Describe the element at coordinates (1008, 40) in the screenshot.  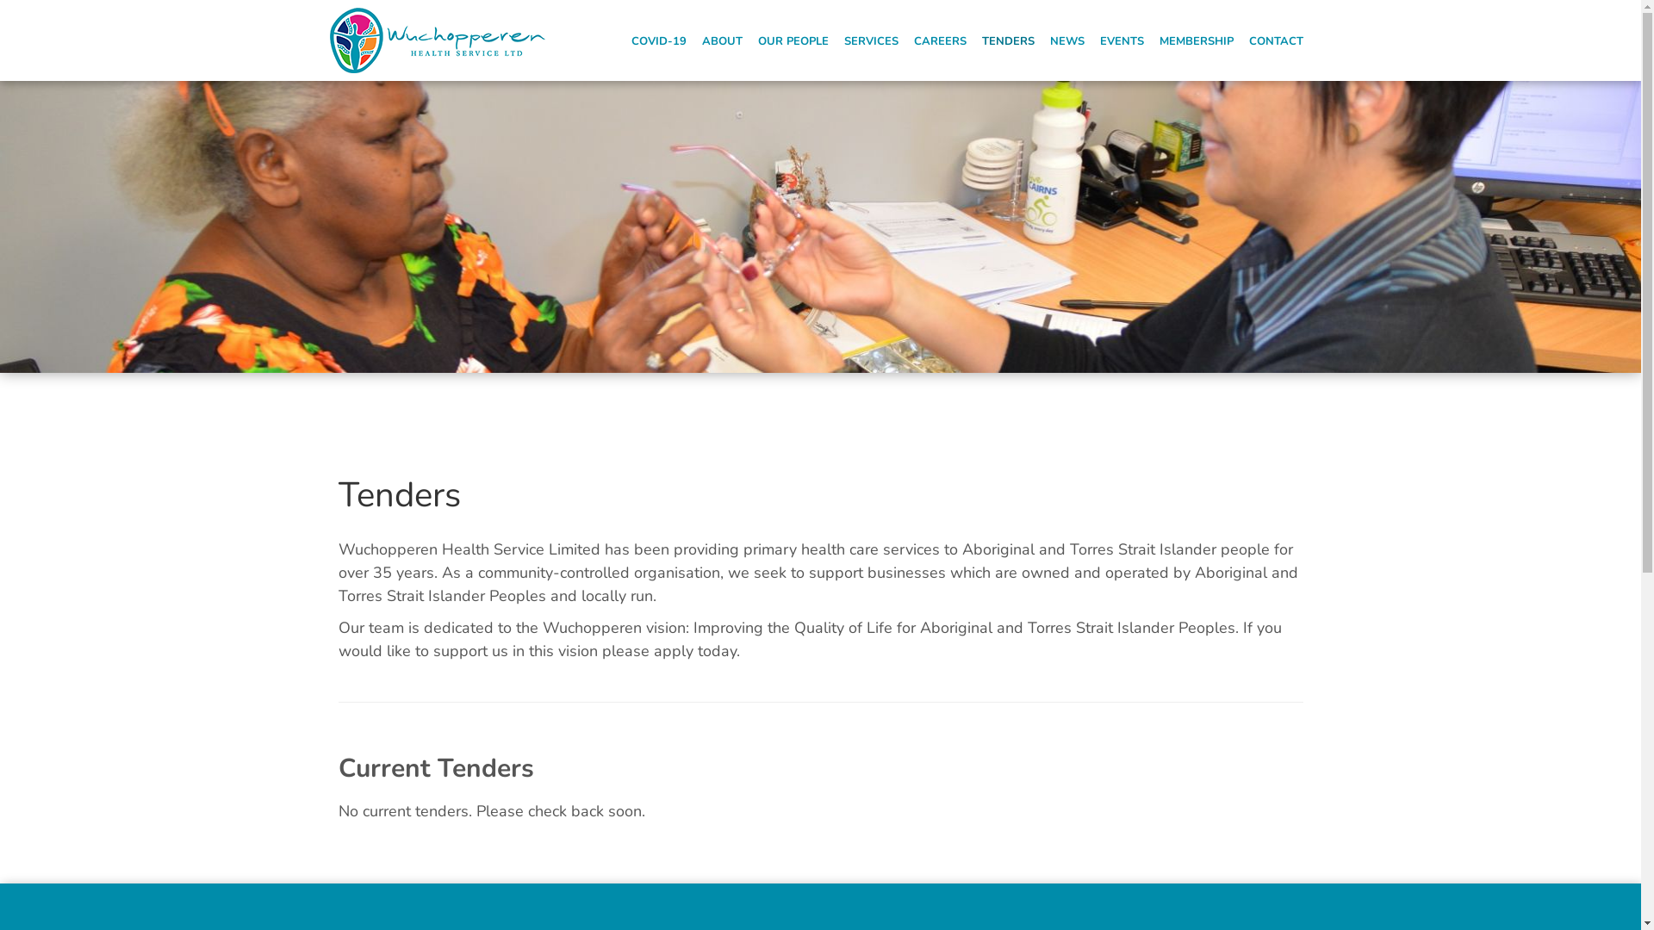
I see `'TENDERS'` at that location.